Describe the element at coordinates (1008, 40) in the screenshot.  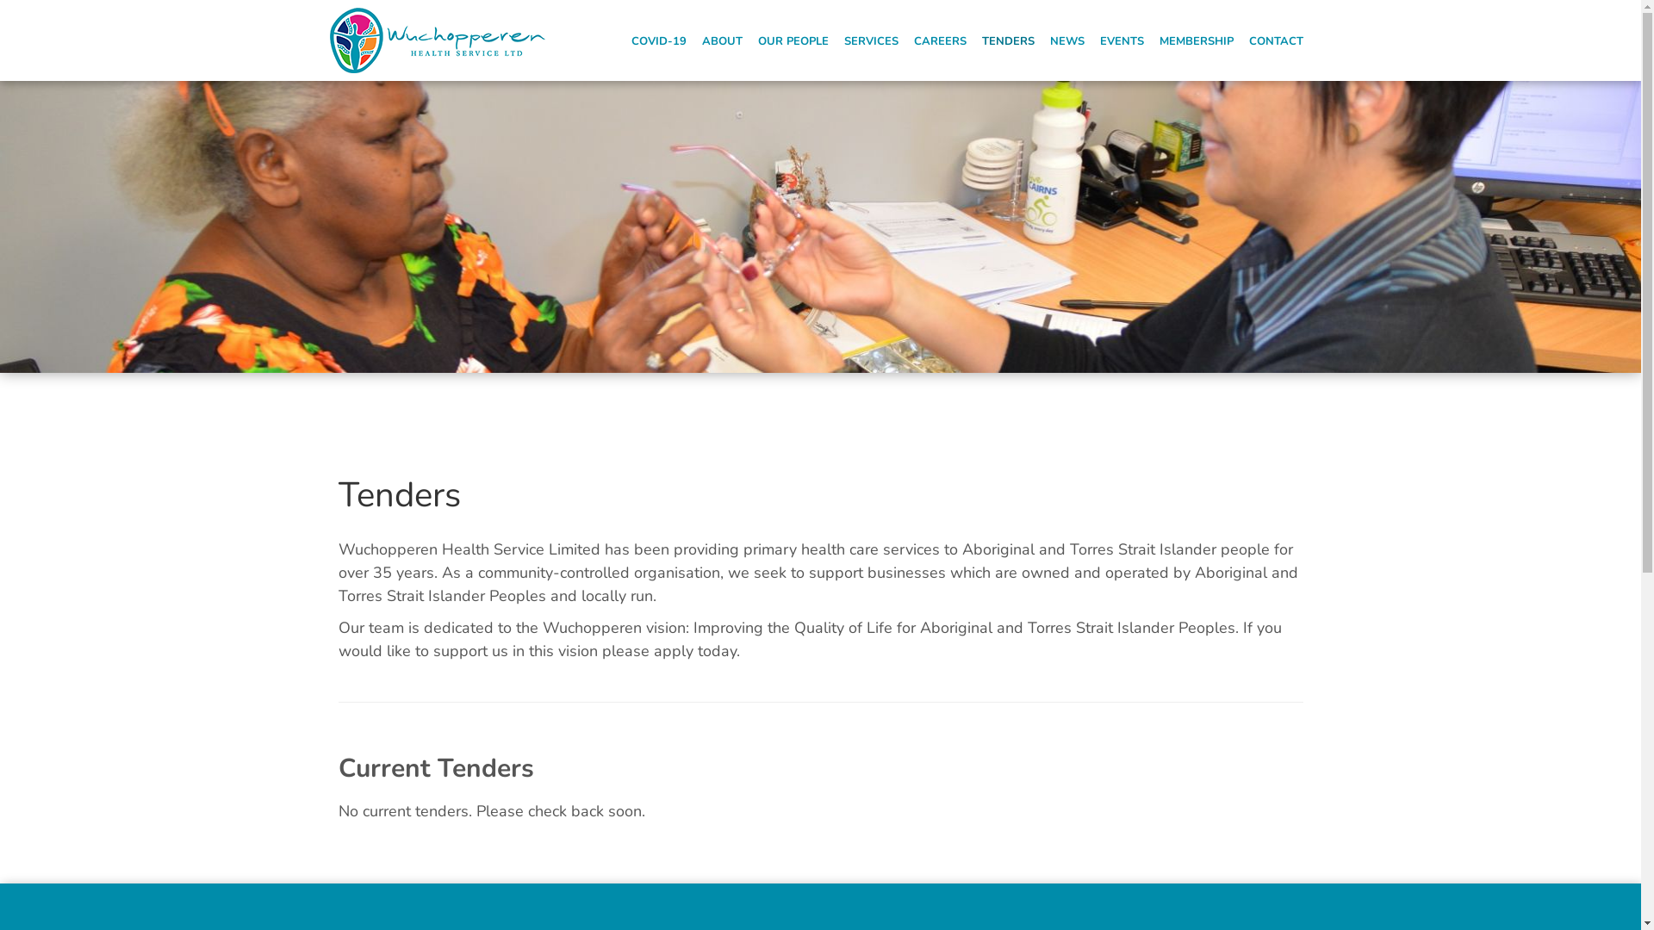
I see `'TENDERS'` at that location.